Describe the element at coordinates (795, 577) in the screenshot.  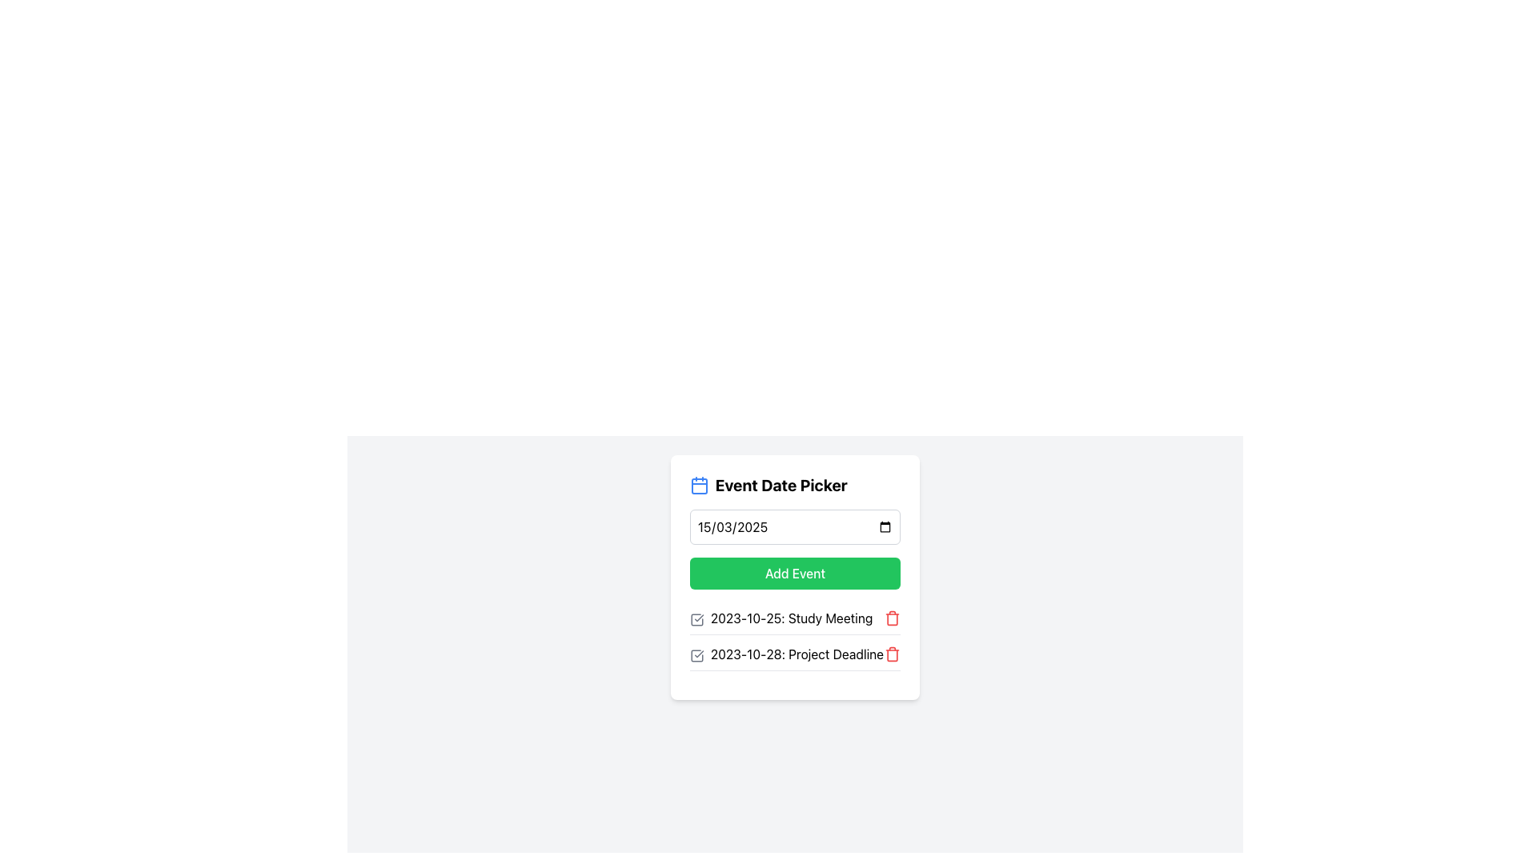
I see `the green rectangular button labeled 'Add Event' to change its background color` at that location.